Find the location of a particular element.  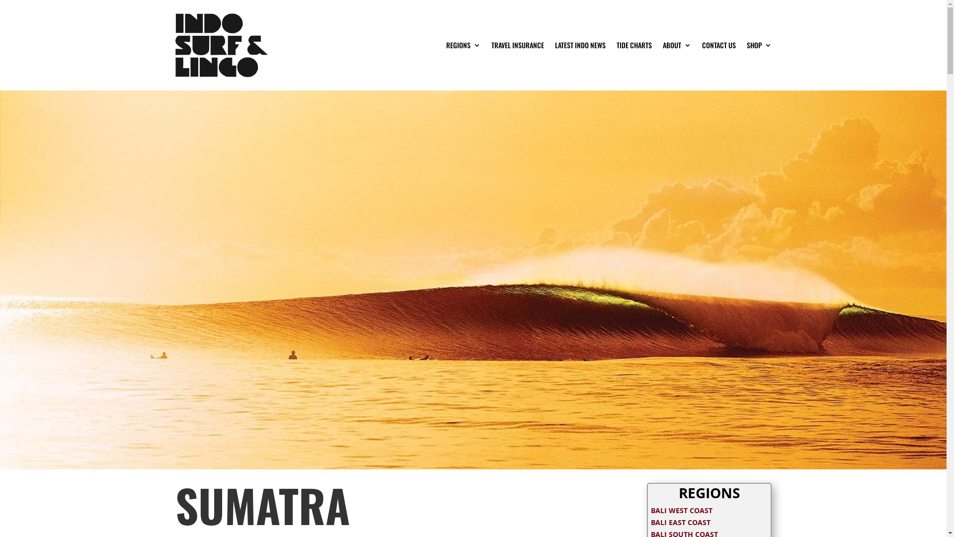

'ABOUT' is located at coordinates (676, 45).